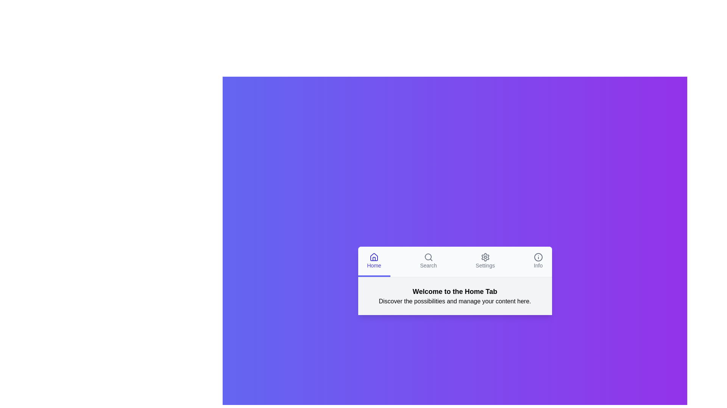 This screenshot has width=727, height=408. Describe the element at coordinates (485, 257) in the screenshot. I see `the 'Settings' icon located third from the left in the bottom navigation bar` at that location.